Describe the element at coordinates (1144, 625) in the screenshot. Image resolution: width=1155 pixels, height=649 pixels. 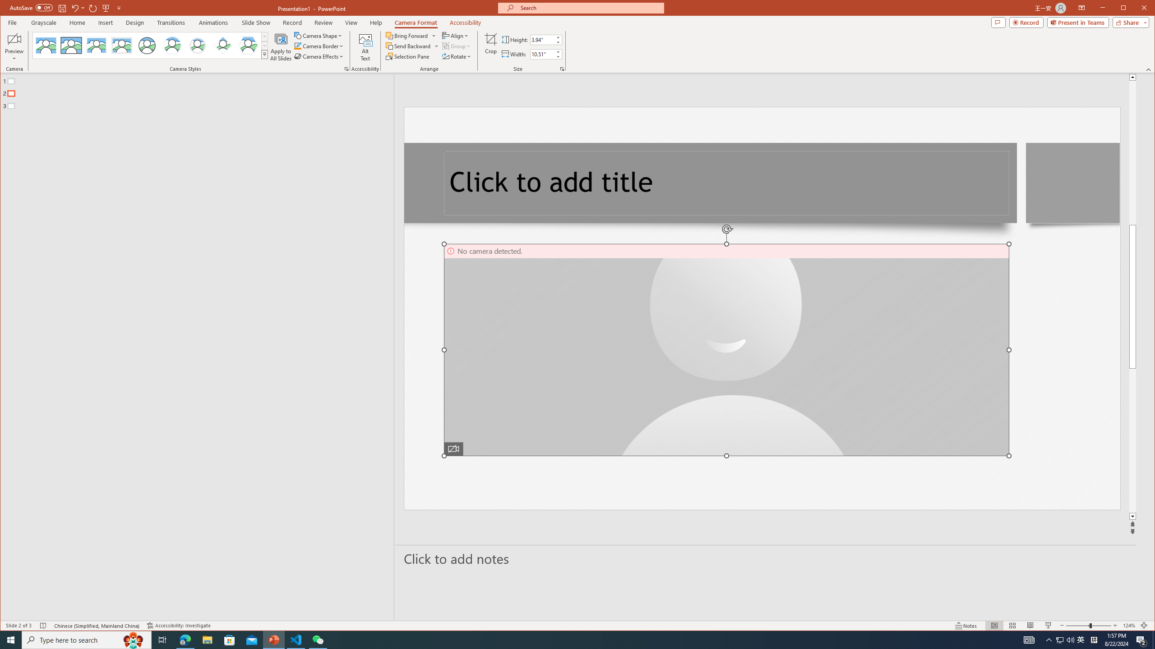
I see `'Zoom to Fit '` at that location.